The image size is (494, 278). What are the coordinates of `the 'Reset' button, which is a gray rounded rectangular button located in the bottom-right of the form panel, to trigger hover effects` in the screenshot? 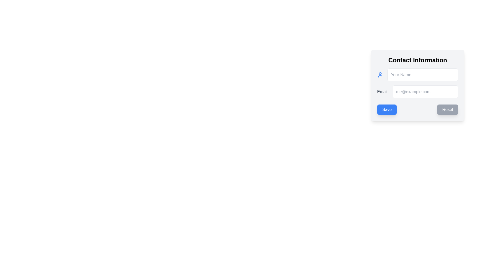 It's located at (447, 109).